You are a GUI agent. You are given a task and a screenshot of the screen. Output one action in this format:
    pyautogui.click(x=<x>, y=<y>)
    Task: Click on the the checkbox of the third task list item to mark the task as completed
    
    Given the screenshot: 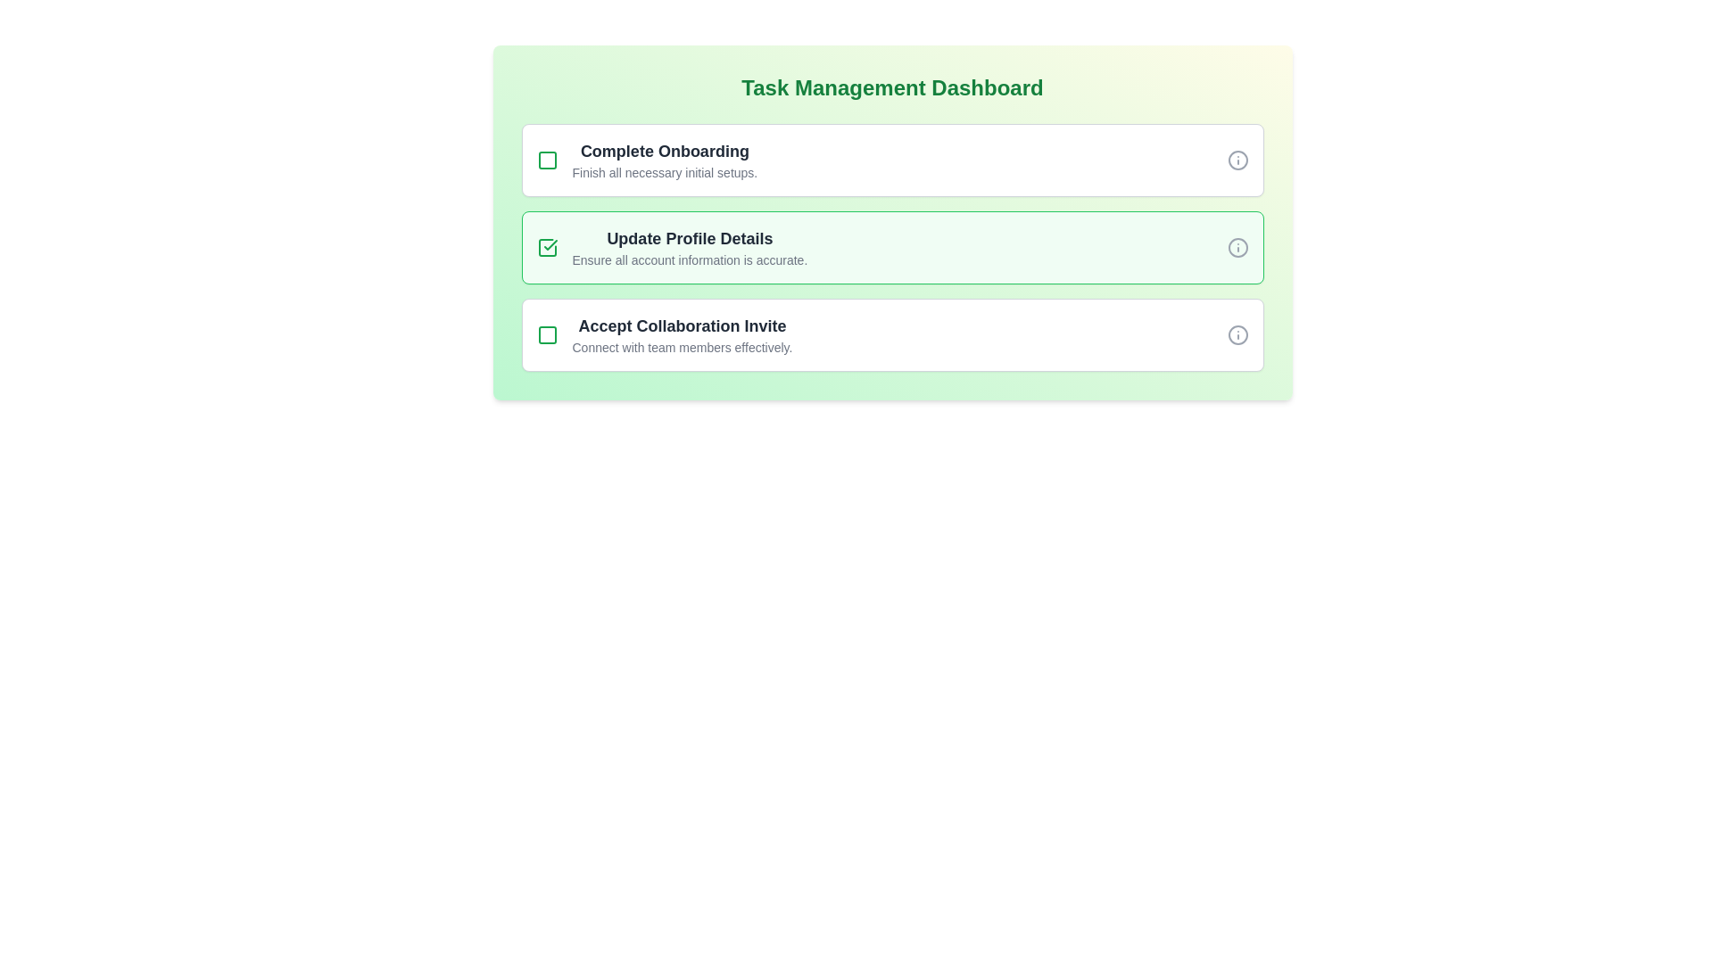 What is the action you would take?
    pyautogui.click(x=663, y=334)
    